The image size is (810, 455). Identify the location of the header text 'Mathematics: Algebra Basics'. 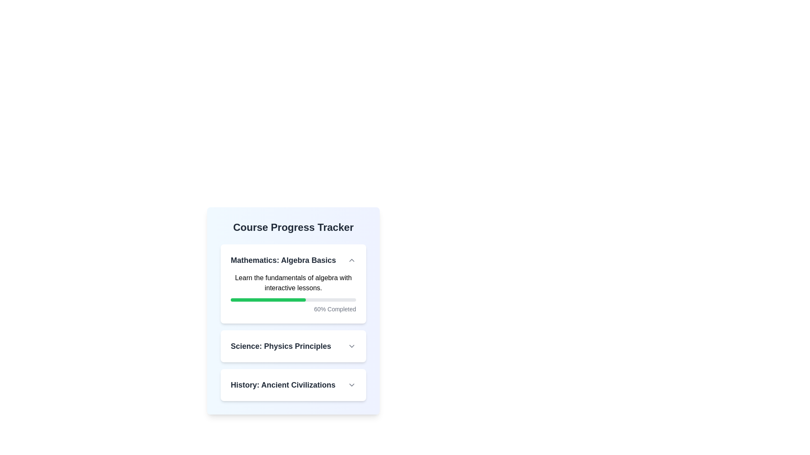
(293, 260).